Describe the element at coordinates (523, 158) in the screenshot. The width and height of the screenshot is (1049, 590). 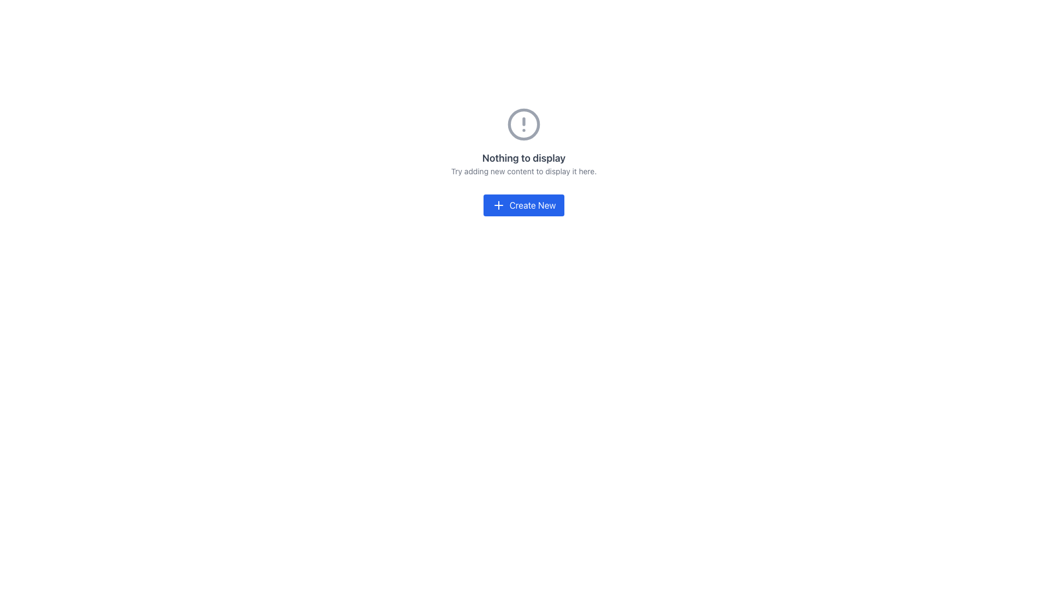
I see `the text element that indicates no content is available, positioned below the circular alert icon and above the suggestion to add new content` at that location.